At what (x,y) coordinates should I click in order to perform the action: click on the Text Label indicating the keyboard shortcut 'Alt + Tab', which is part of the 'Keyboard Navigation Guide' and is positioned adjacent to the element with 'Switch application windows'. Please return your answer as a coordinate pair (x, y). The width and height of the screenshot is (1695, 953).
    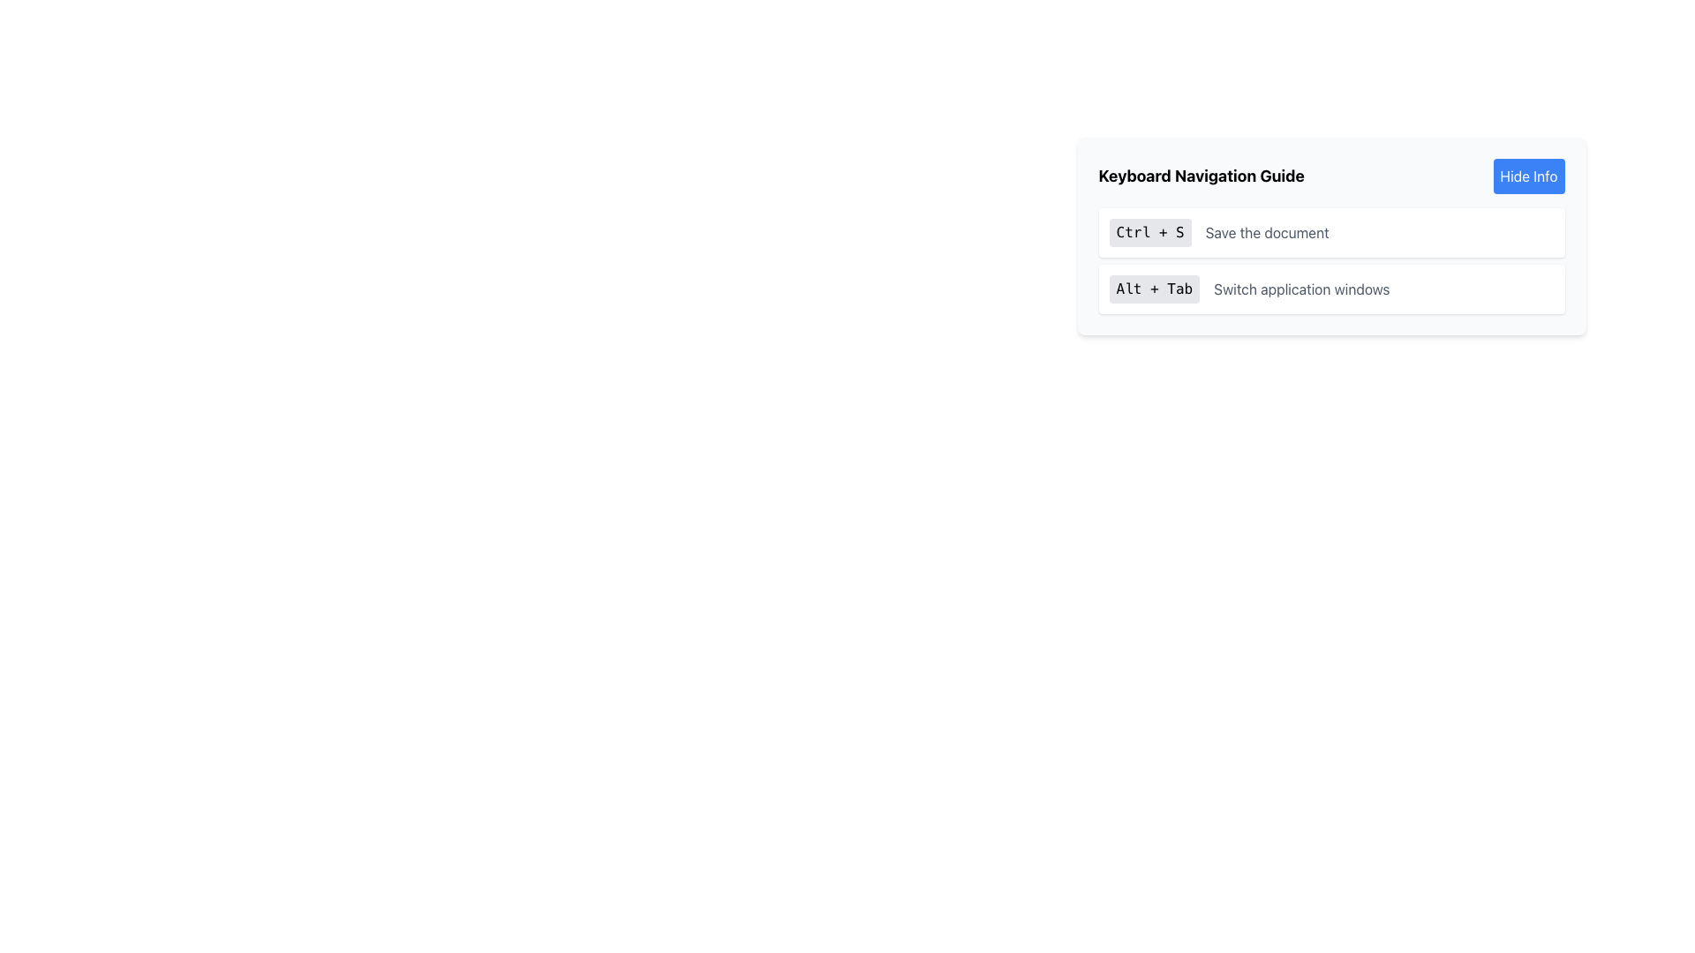
    Looking at the image, I should click on (1154, 288).